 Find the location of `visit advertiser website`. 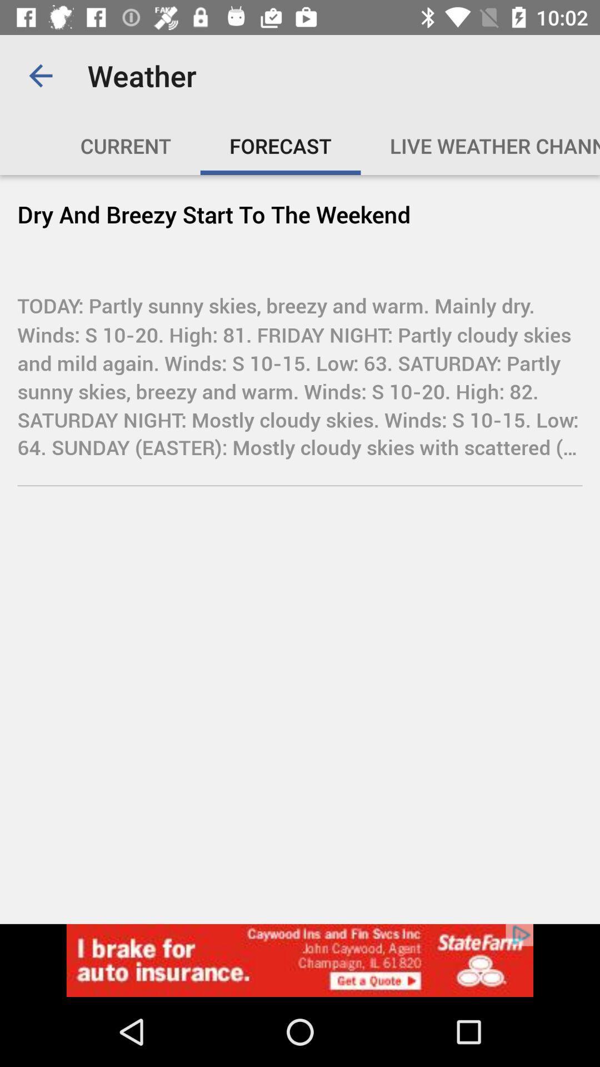

visit advertiser website is located at coordinates (300, 960).